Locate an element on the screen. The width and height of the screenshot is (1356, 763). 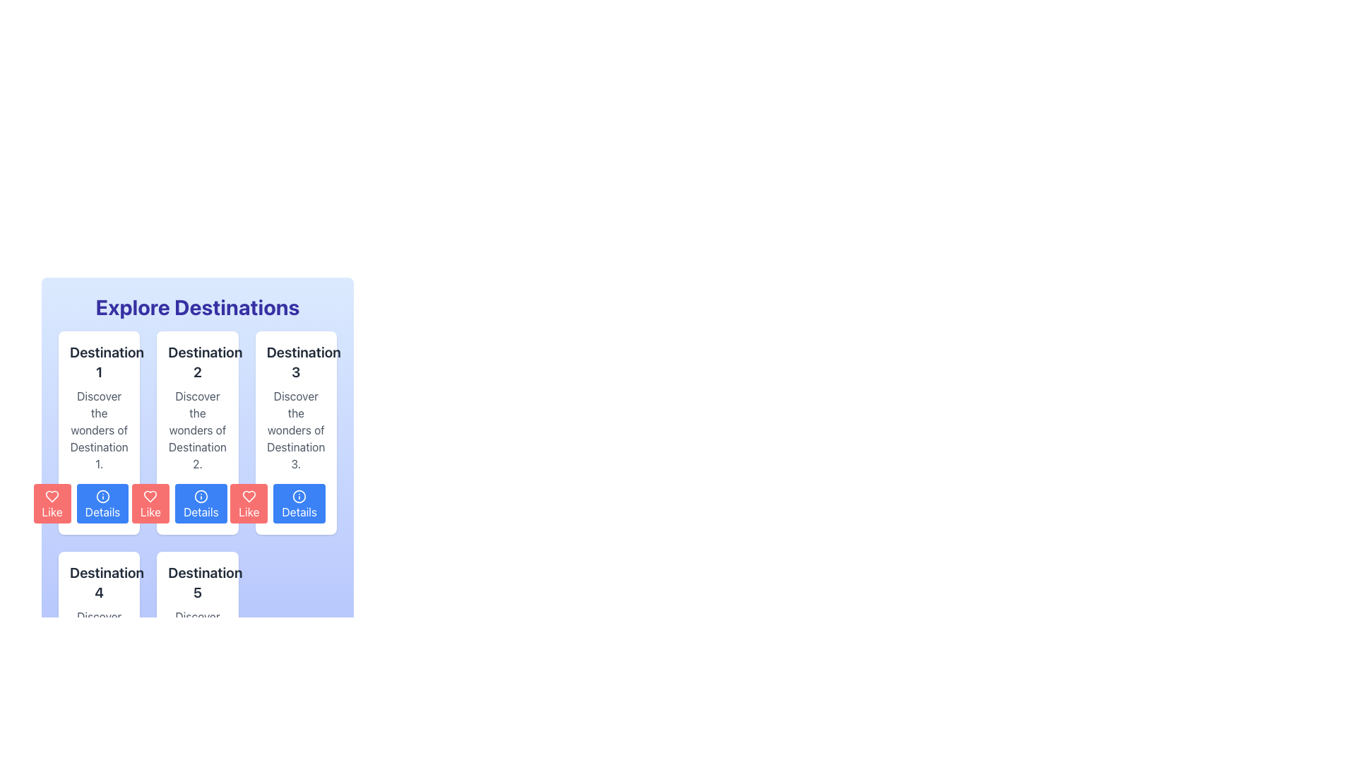
the 'Like' button, which has a red background and white text, located under 'Destination 1' and to the left of the 'Details' button is located at coordinates (52, 503).